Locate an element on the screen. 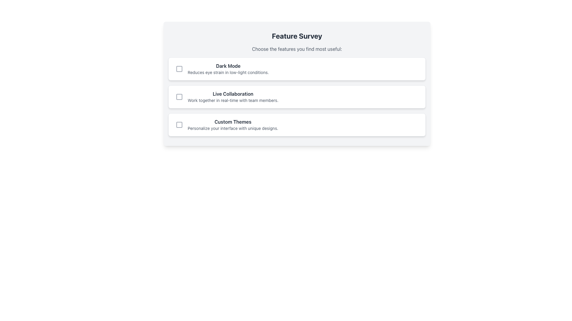 Image resolution: width=572 pixels, height=321 pixels. the 'Dark Mode' Checkbox is located at coordinates (297, 68).